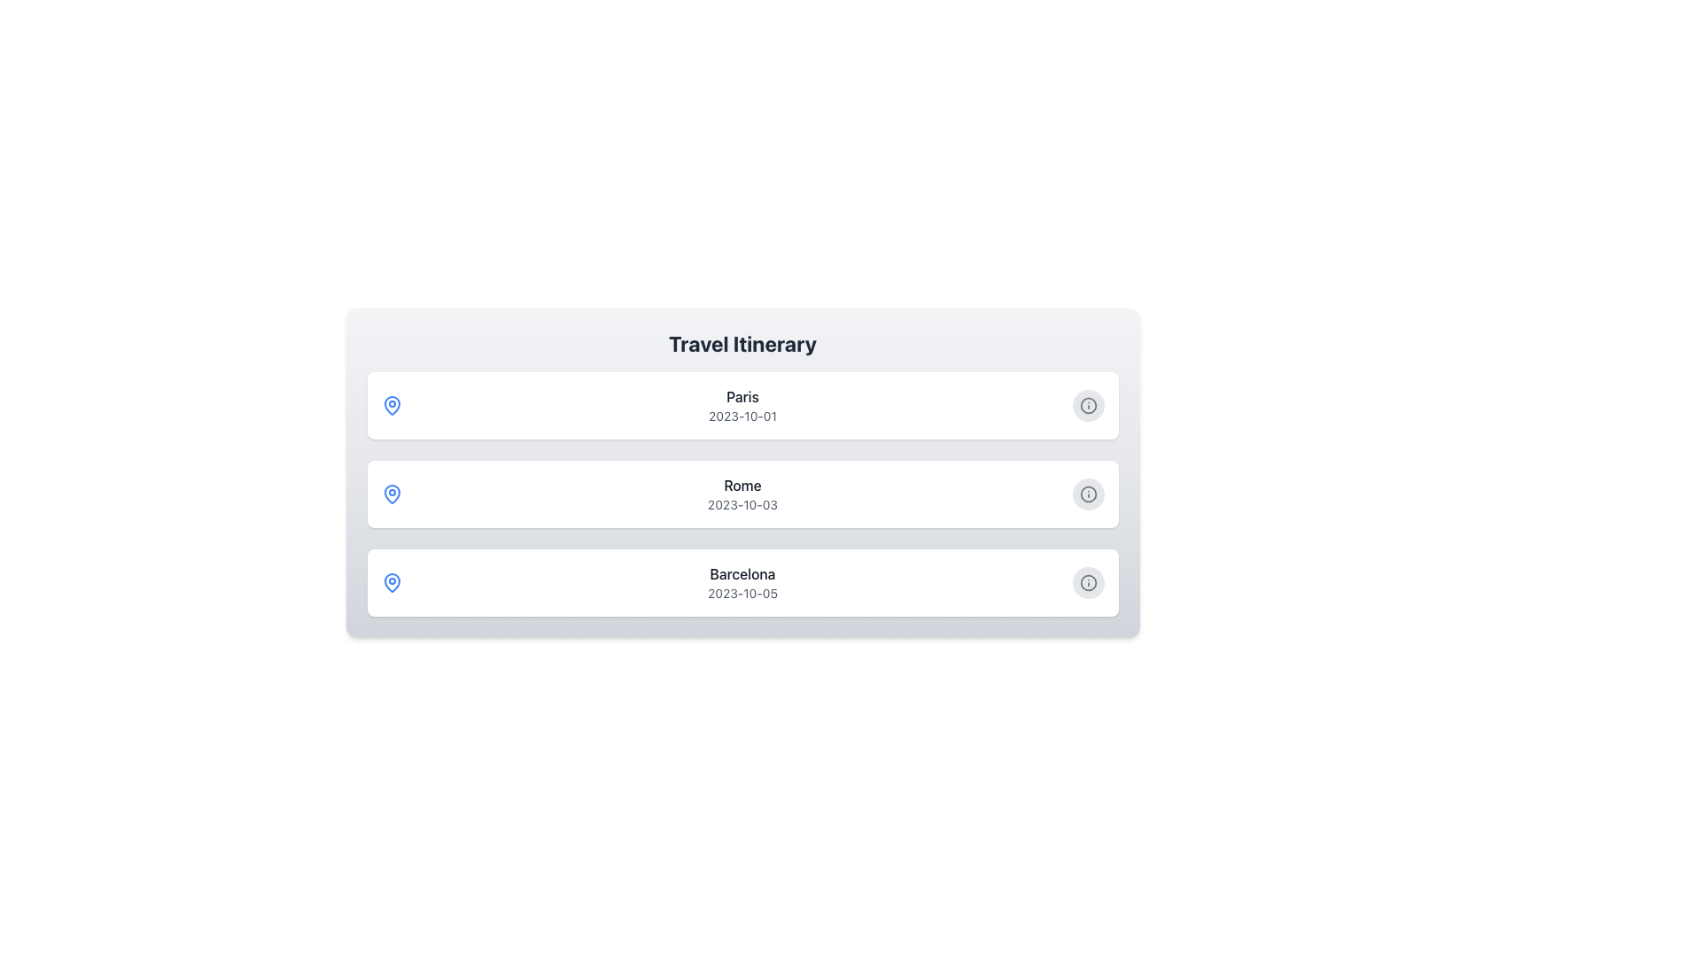 The width and height of the screenshot is (1701, 957). Describe the element at coordinates (391, 406) in the screenshot. I see `the map pin icon located in the first row of the 'Travel Itinerary' list, positioned to the left of the 'Paris' text label` at that location.